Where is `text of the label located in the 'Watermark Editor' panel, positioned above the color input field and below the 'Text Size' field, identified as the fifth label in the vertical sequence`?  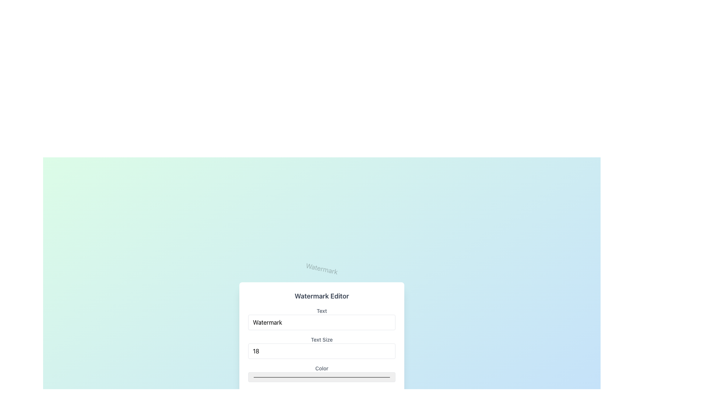 text of the label located in the 'Watermark Editor' panel, positioned above the color input field and below the 'Text Size' field, identified as the fifth label in the vertical sequence is located at coordinates (321, 368).